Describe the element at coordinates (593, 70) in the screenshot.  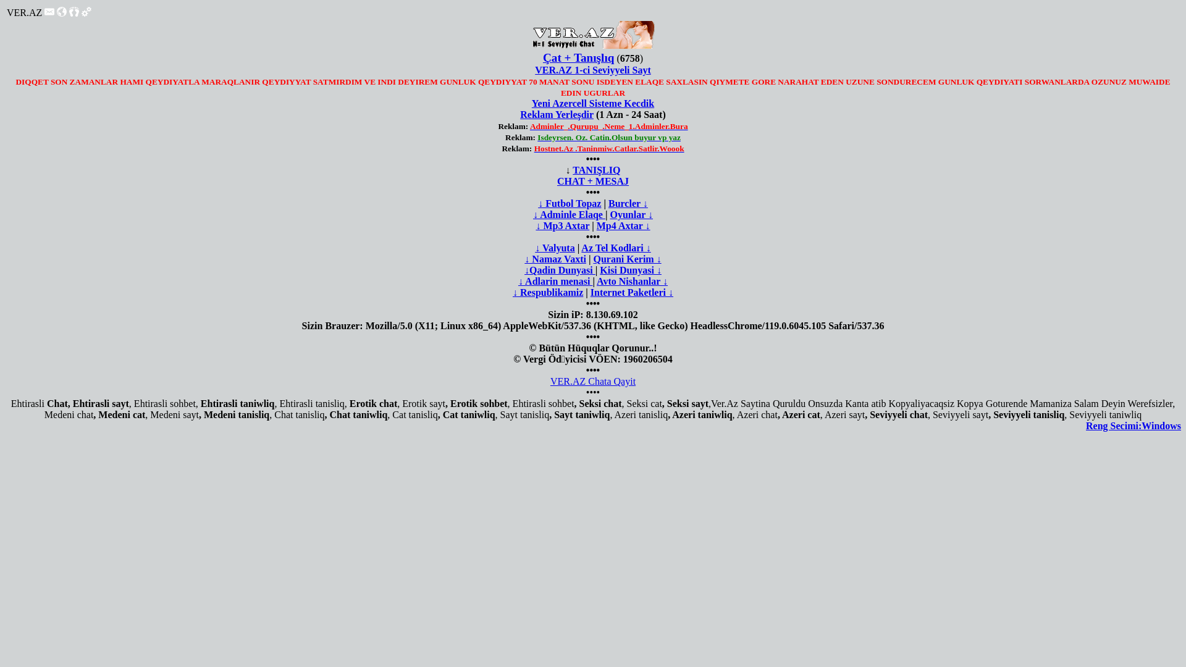
I see `'VER.AZ 1-ci Seviyyeli Sayt'` at that location.